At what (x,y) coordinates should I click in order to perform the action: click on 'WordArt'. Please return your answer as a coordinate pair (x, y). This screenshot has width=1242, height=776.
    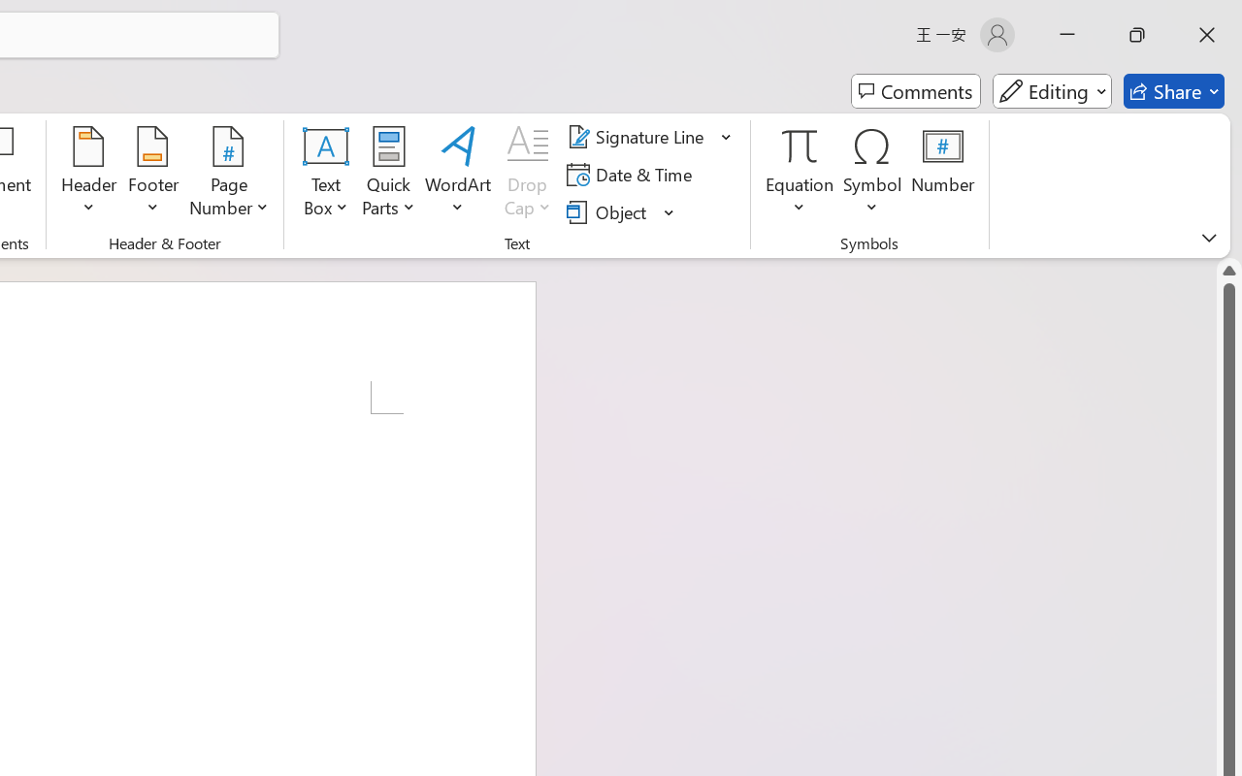
    Looking at the image, I should click on (457, 174).